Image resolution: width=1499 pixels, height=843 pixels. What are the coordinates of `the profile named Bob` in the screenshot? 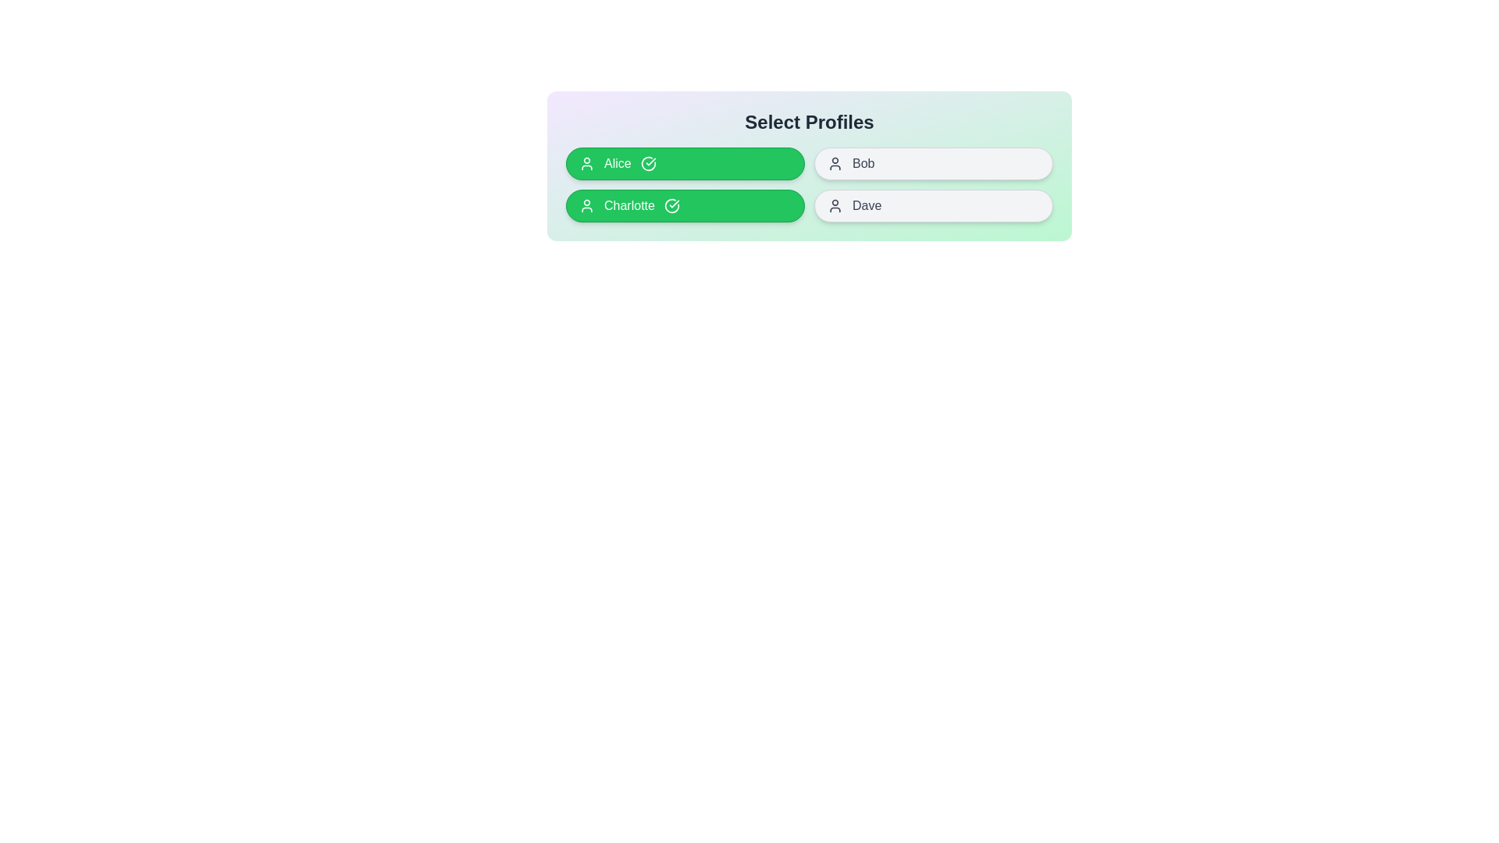 It's located at (933, 163).